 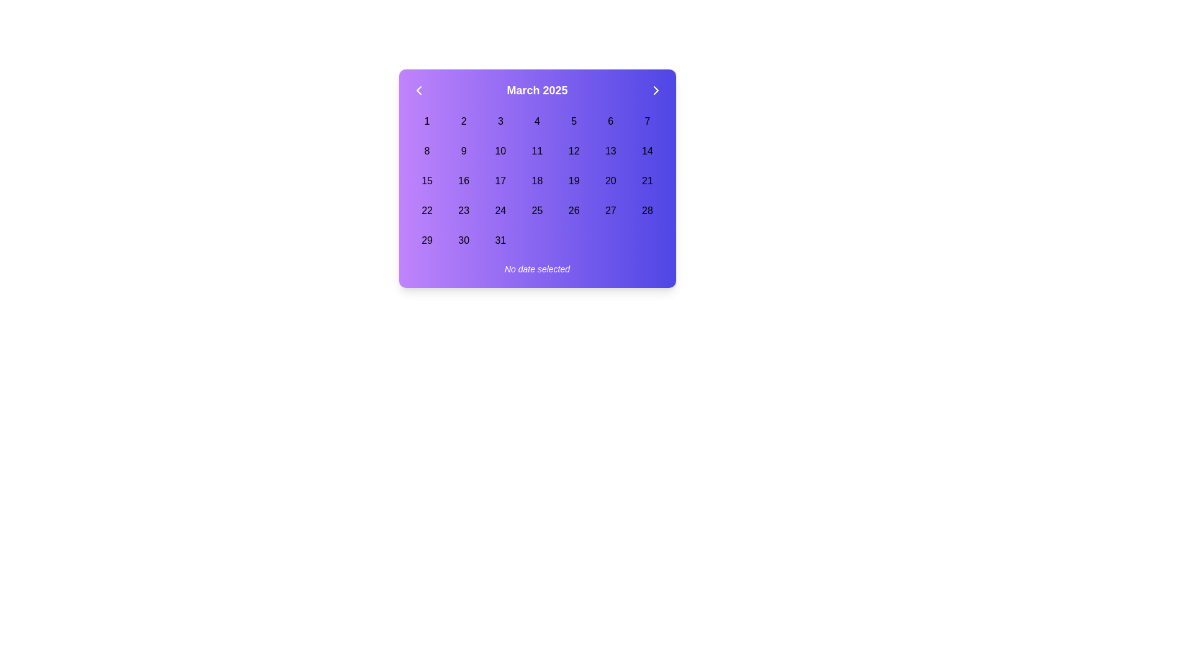 I want to click on the day selector button for the 13th of the month located in the second row and sixth column of the calendar grid, so click(x=610, y=150).